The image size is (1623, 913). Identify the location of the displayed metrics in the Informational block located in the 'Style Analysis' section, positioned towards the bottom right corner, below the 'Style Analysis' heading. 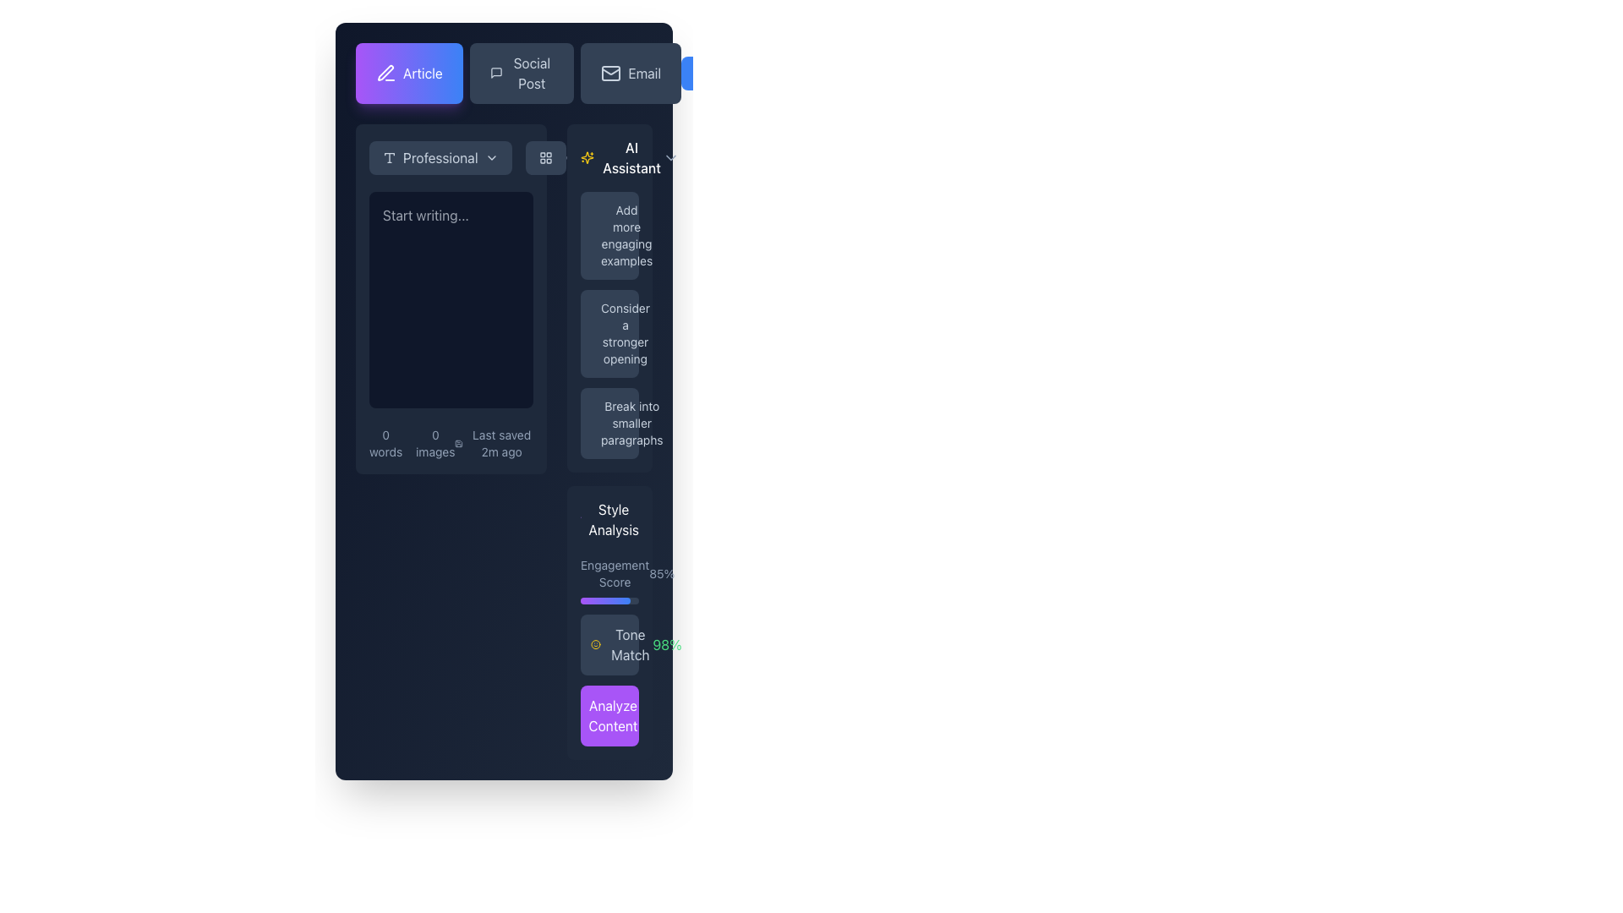
(609, 648).